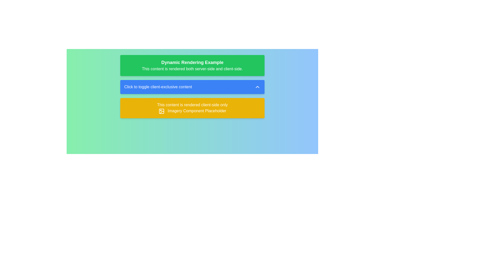  Describe the element at coordinates (257, 86) in the screenshot. I see `the upward-pointing chevron icon located in the top-right corner of the blue rectangular section containing the text 'Click to toggle client-exclusive content'` at that location.